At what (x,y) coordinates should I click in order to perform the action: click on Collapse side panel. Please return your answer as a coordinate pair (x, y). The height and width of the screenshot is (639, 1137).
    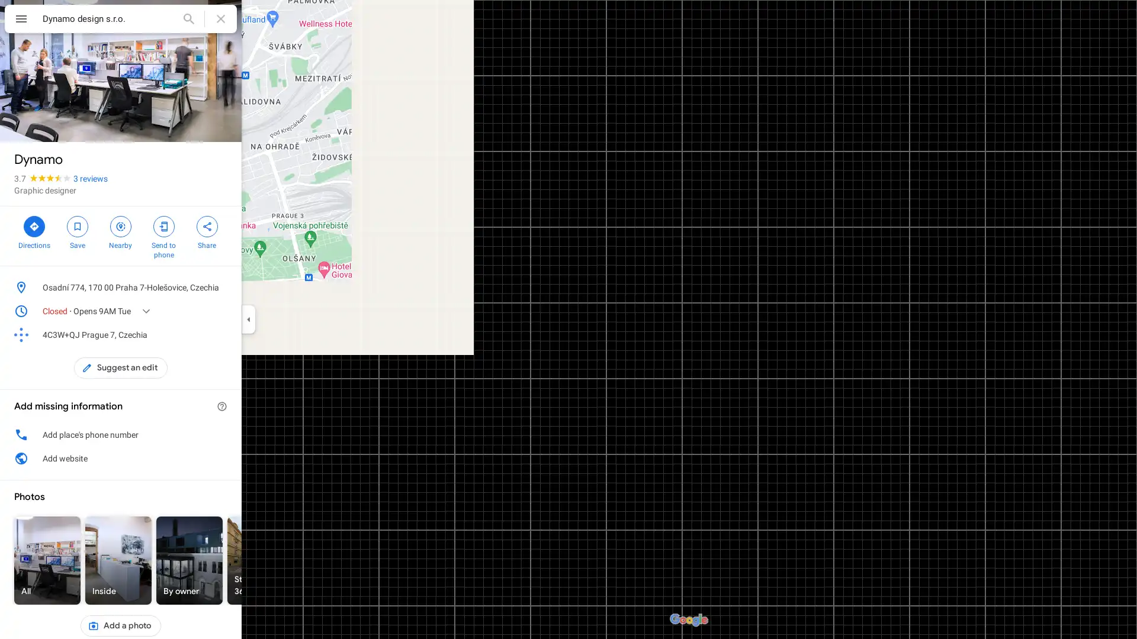
    Looking at the image, I should click on (248, 319).